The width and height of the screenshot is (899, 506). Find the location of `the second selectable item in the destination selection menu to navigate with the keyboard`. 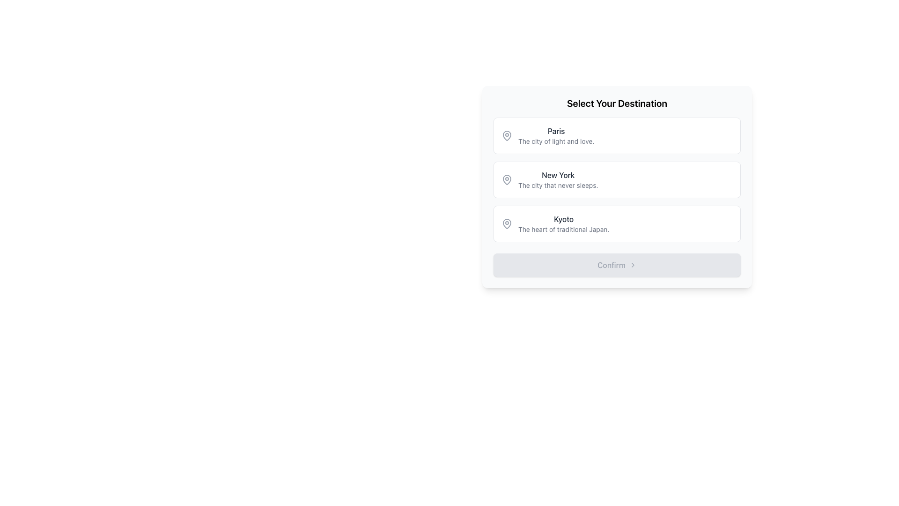

the second selectable item in the destination selection menu to navigate with the keyboard is located at coordinates (617, 186).